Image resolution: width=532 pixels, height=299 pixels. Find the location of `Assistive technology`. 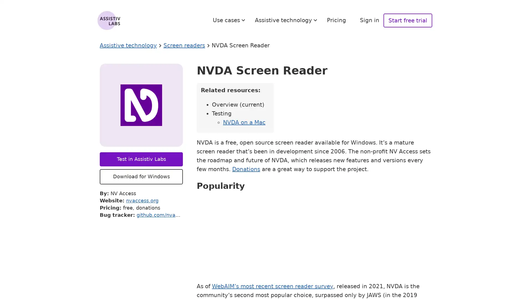

Assistive technology is located at coordinates (287, 20).